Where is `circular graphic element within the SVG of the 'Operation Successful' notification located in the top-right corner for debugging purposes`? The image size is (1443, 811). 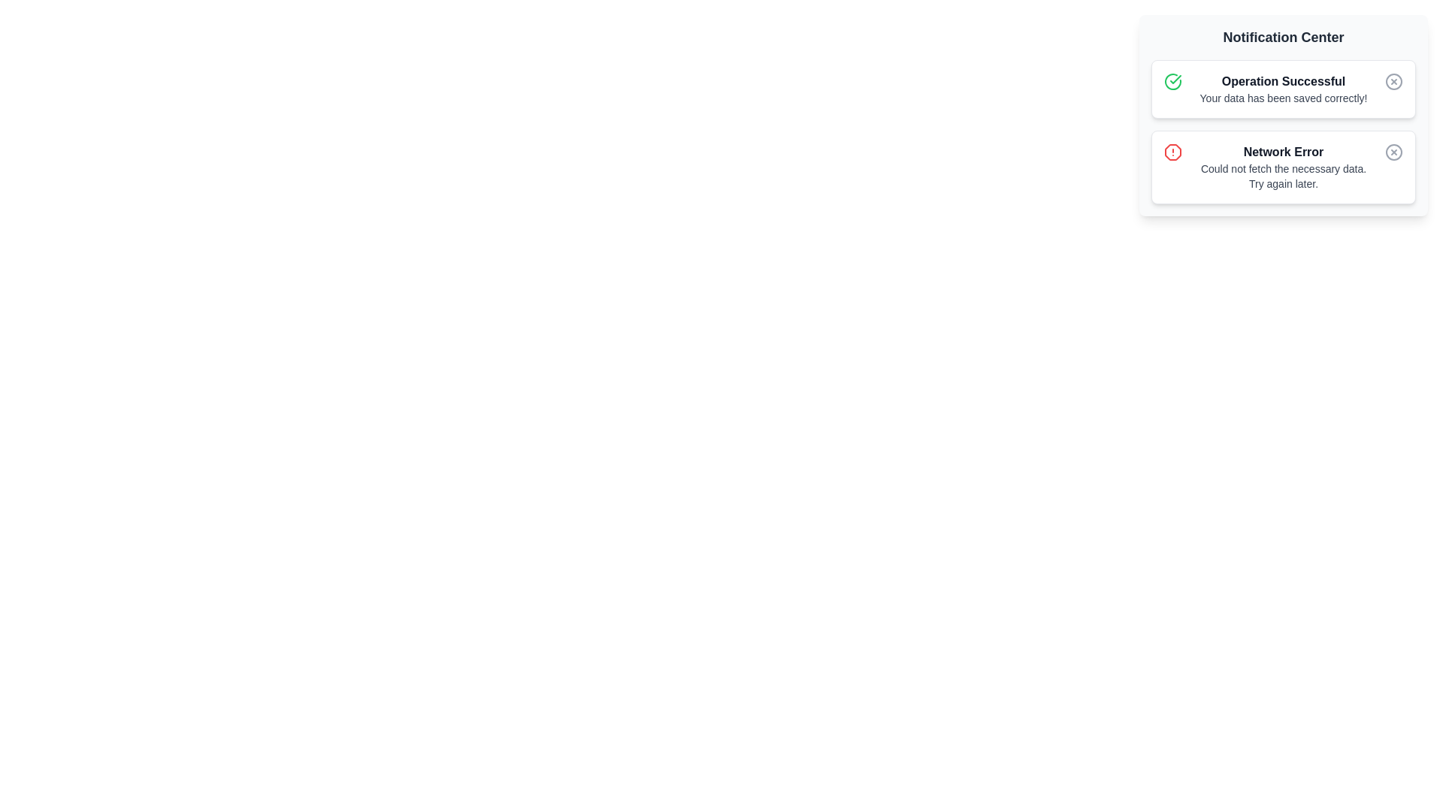
circular graphic element within the SVG of the 'Operation Successful' notification located in the top-right corner for debugging purposes is located at coordinates (1393, 81).